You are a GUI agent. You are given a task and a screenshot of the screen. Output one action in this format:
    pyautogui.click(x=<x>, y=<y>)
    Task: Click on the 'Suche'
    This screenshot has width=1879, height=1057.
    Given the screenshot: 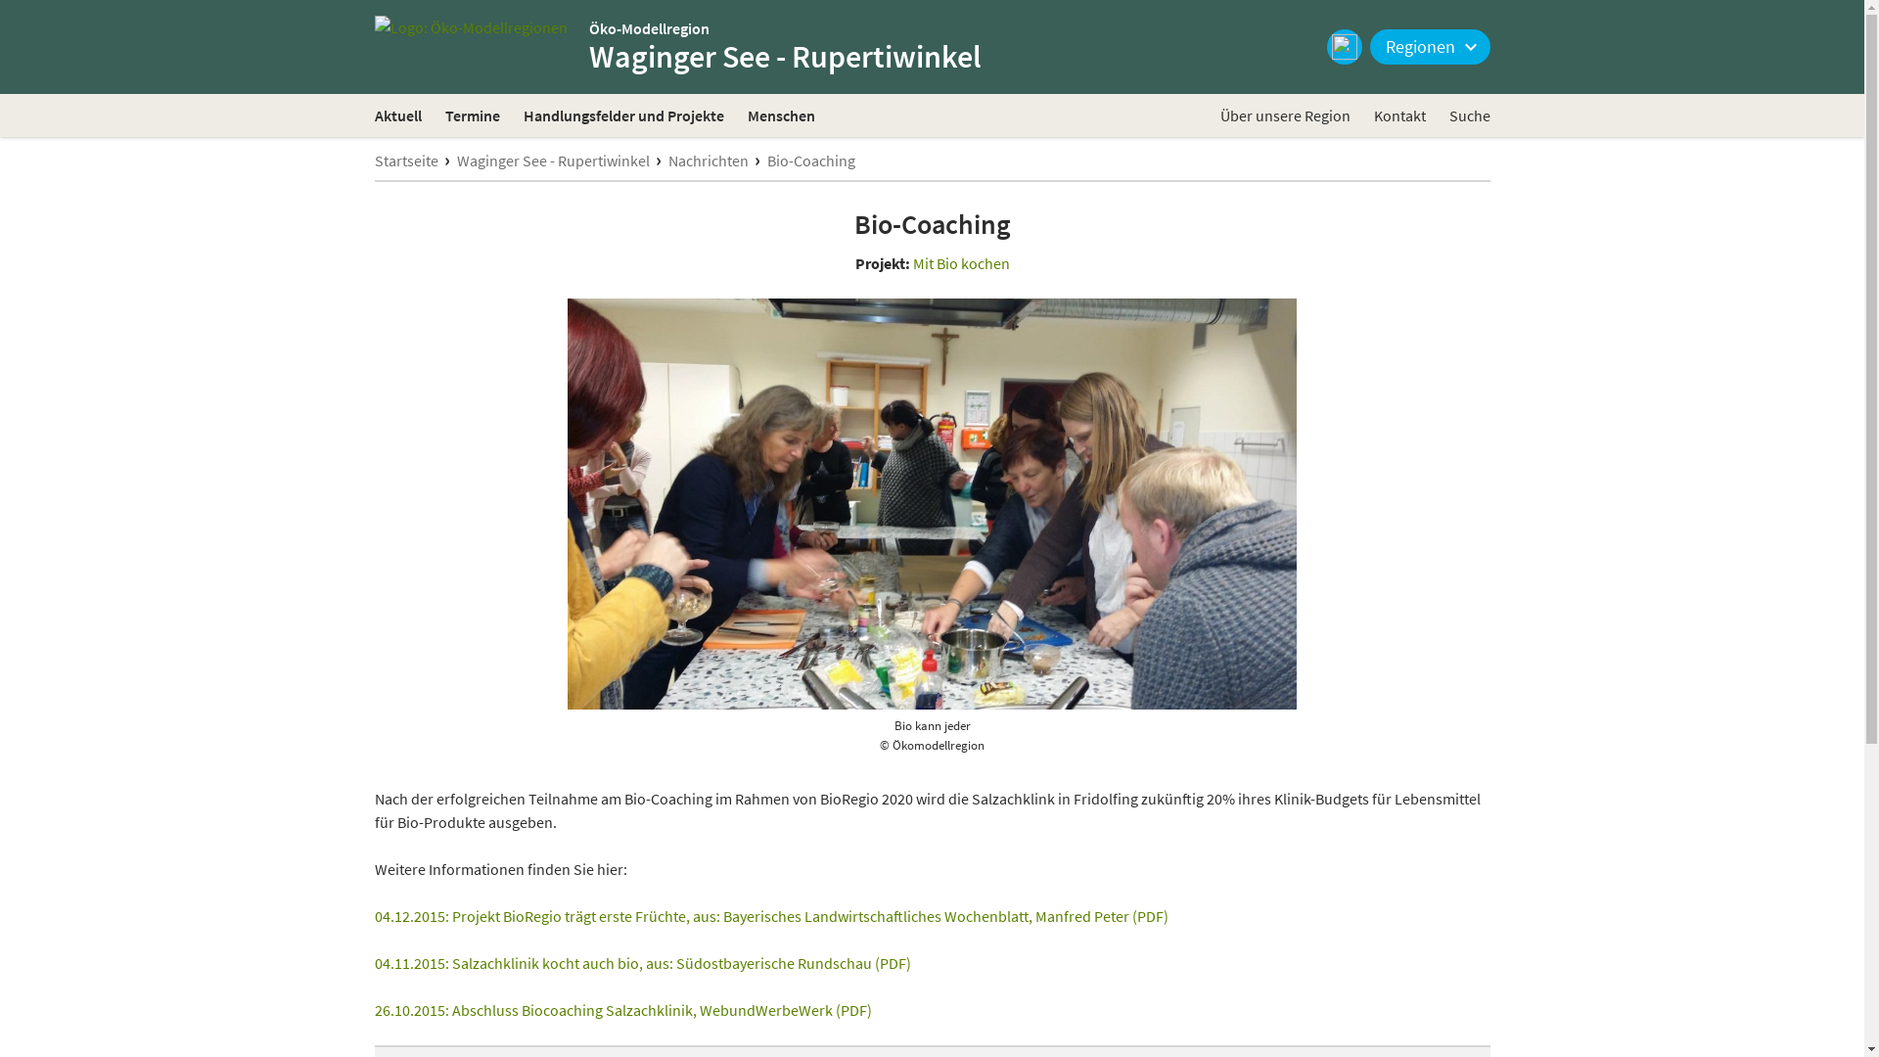 What is the action you would take?
    pyautogui.click(x=1469, y=115)
    